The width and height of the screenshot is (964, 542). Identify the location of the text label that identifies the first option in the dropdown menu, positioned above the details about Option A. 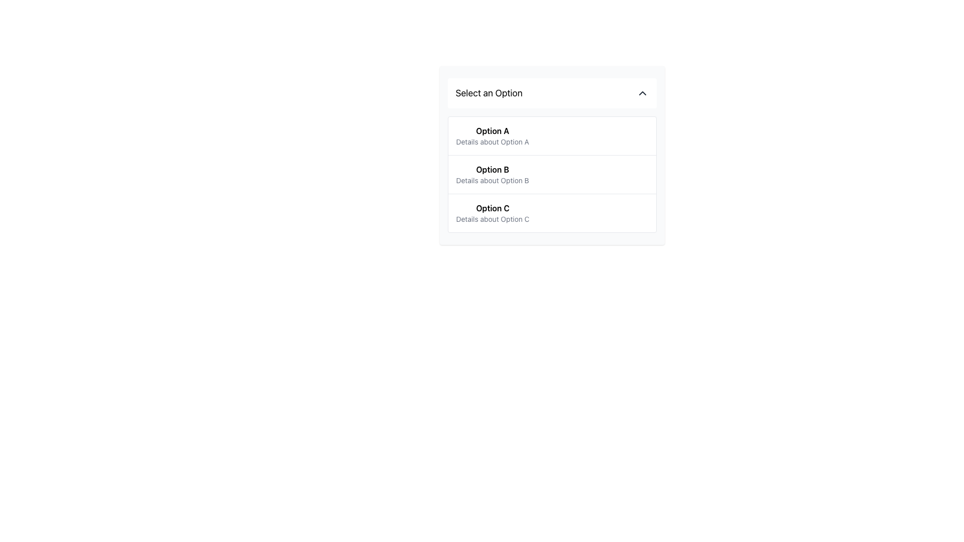
(493, 130).